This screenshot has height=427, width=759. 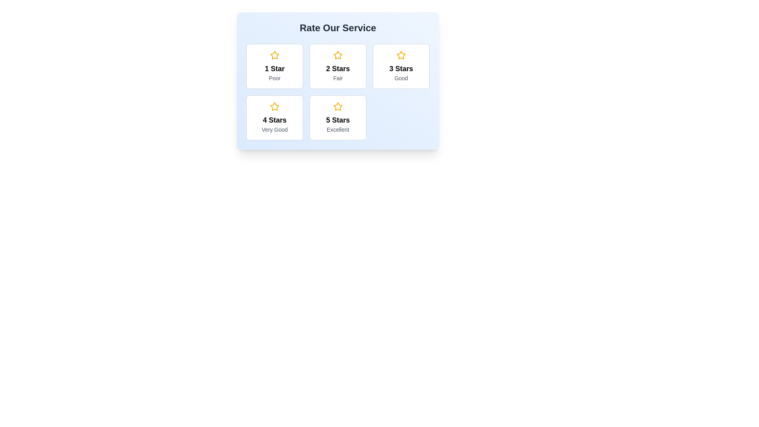 What do you see at coordinates (338, 78) in the screenshot?
I see `the static text label displaying 'Fair', which is part of the rating system located below '2 Stars' in the second column and first row of the grid` at bounding box center [338, 78].